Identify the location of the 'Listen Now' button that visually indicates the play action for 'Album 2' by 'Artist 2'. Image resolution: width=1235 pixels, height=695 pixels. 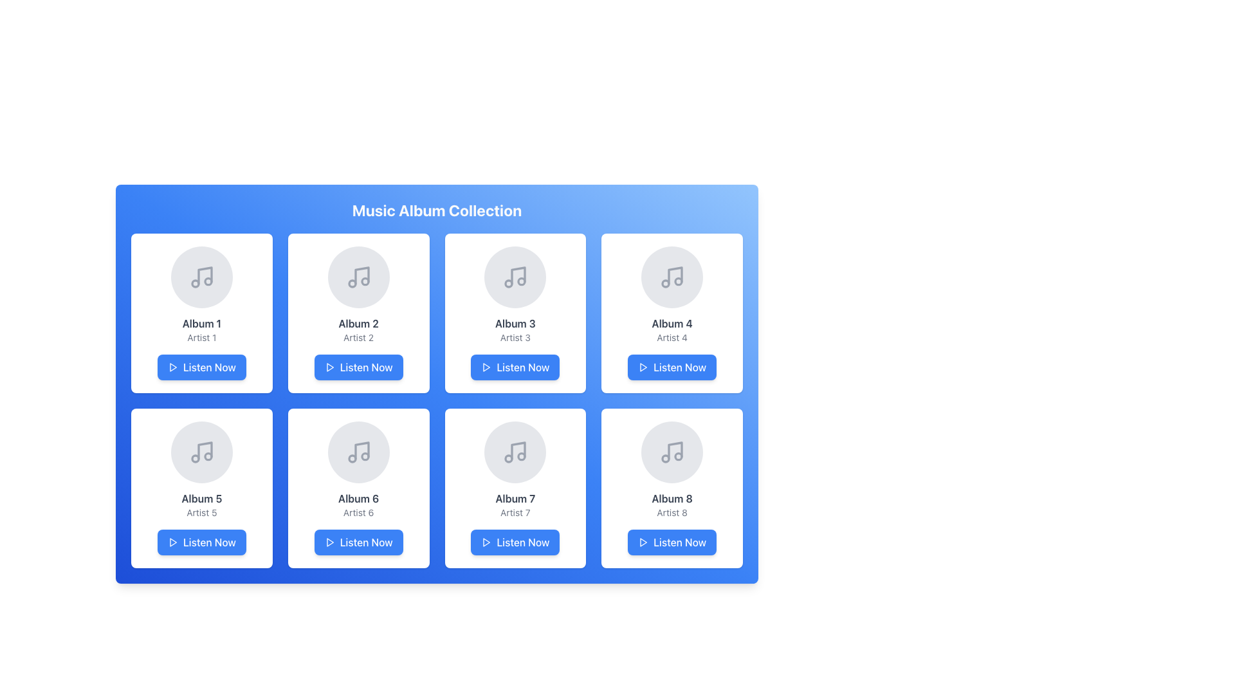
(329, 367).